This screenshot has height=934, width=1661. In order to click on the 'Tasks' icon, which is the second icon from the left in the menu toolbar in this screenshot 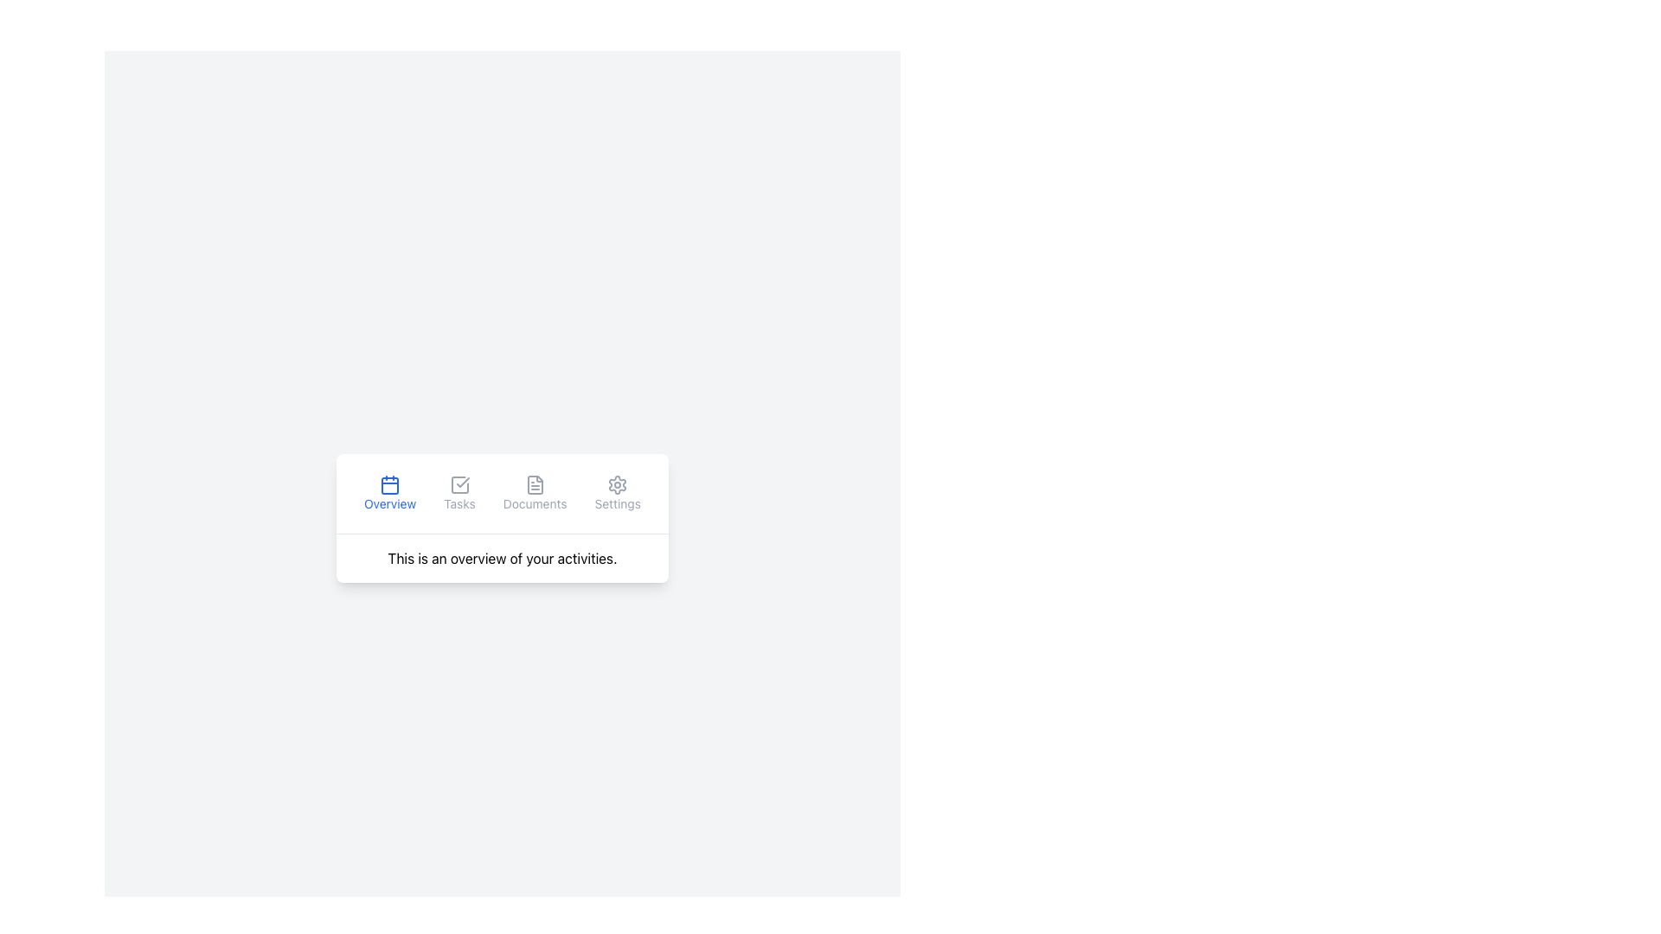, I will do `click(459, 484)`.